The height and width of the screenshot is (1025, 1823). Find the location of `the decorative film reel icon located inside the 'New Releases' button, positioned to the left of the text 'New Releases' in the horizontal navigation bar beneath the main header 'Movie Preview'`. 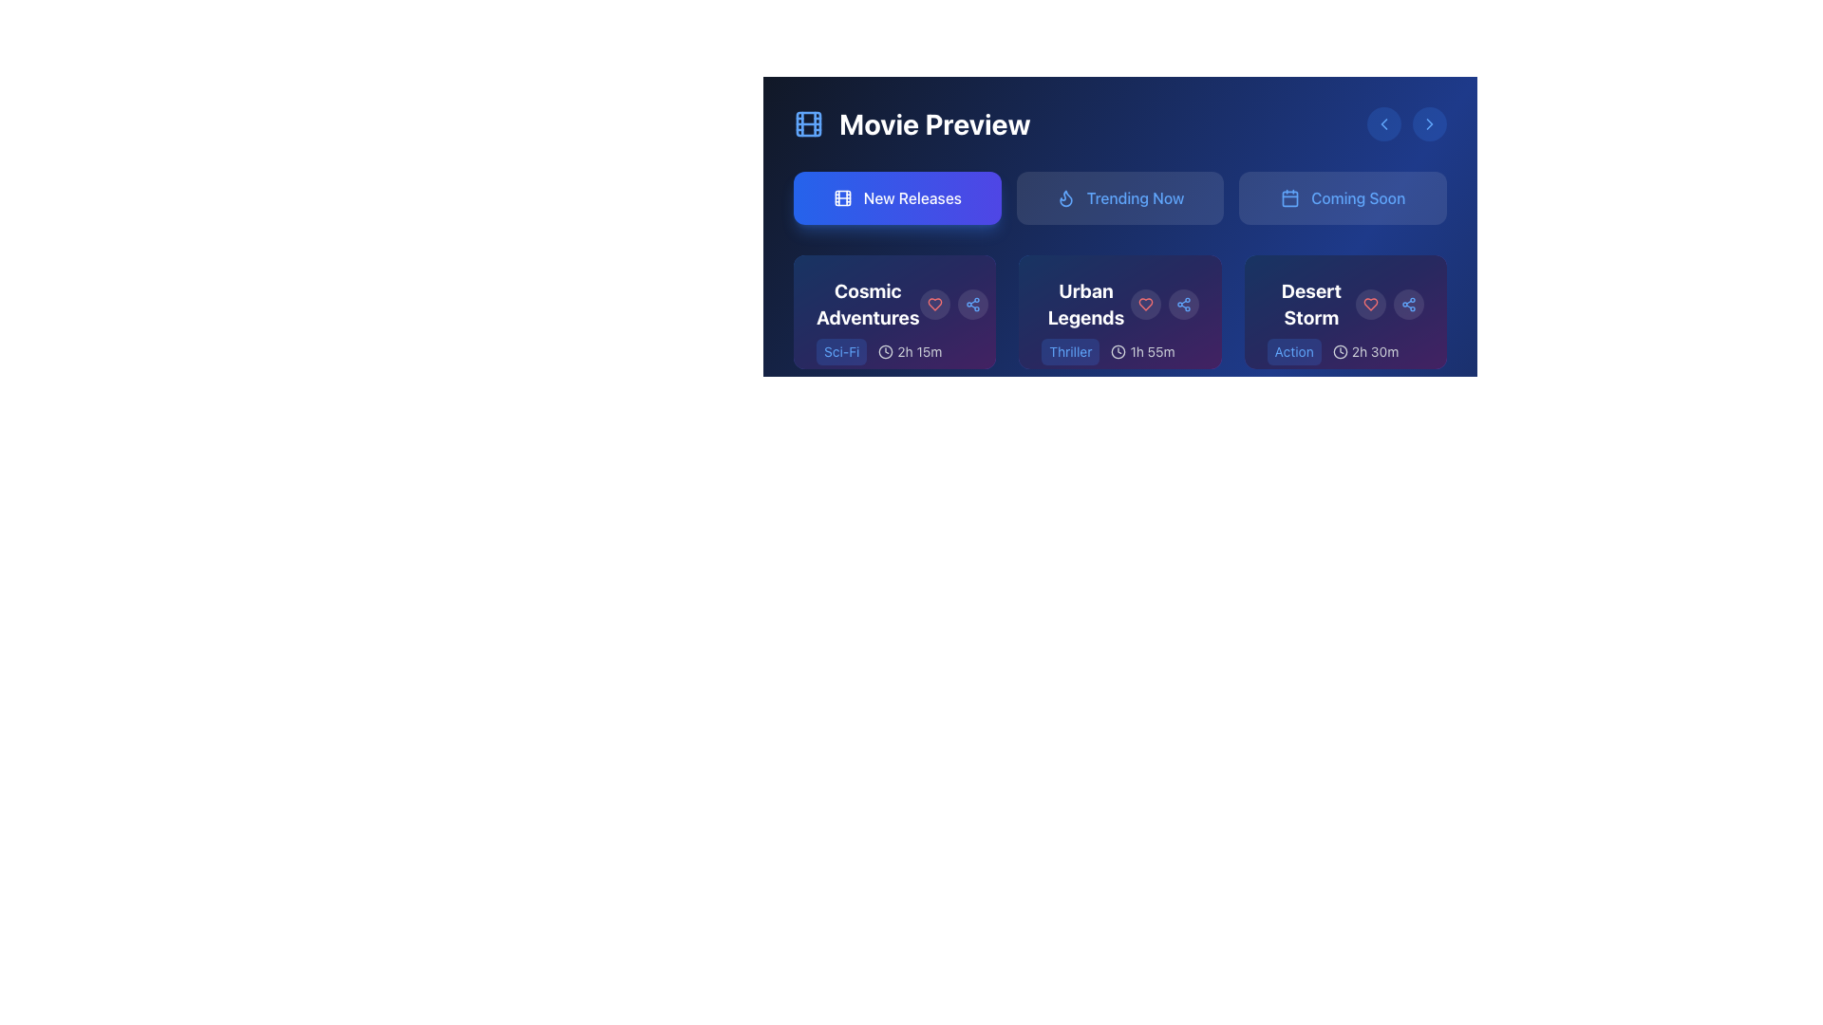

the decorative film reel icon located inside the 'New Releases' button, positioned to the left of the text 'New Releases' in the horizontal navigation bar beneath the main header 'Movie Preview' is located at coordinates (841, 197).